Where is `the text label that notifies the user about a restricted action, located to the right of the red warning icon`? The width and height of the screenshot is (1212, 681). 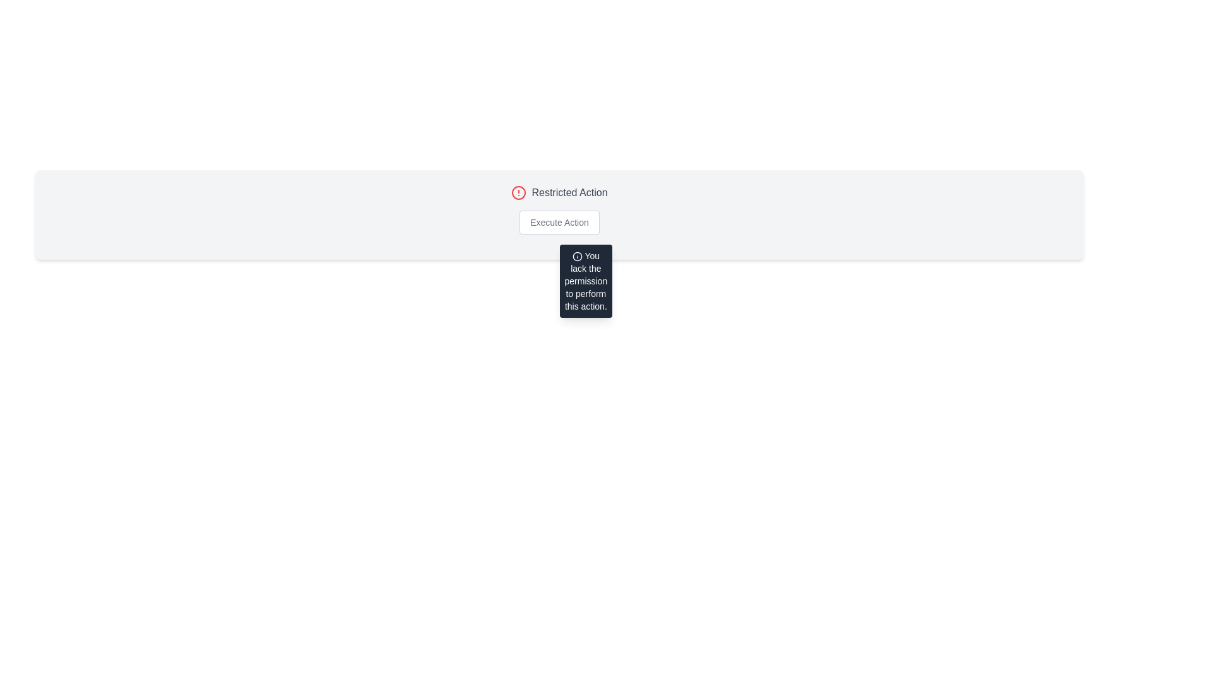
the text label that notifies the user about a restricted action, located to the right of the red warning icon is located at coordinates (569, 192).